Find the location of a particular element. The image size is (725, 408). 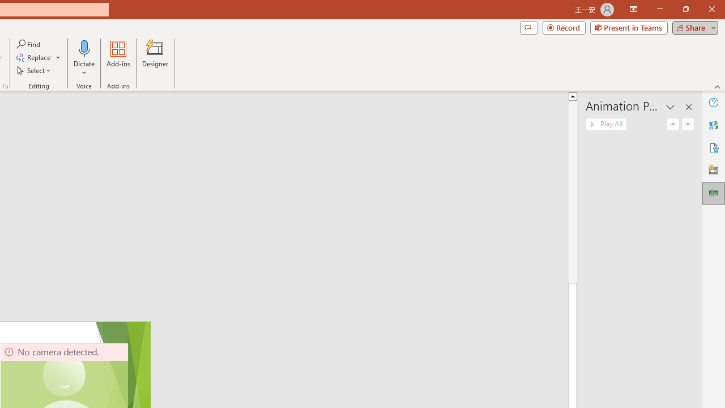

'Translator' is located at coordinates (713, 125).